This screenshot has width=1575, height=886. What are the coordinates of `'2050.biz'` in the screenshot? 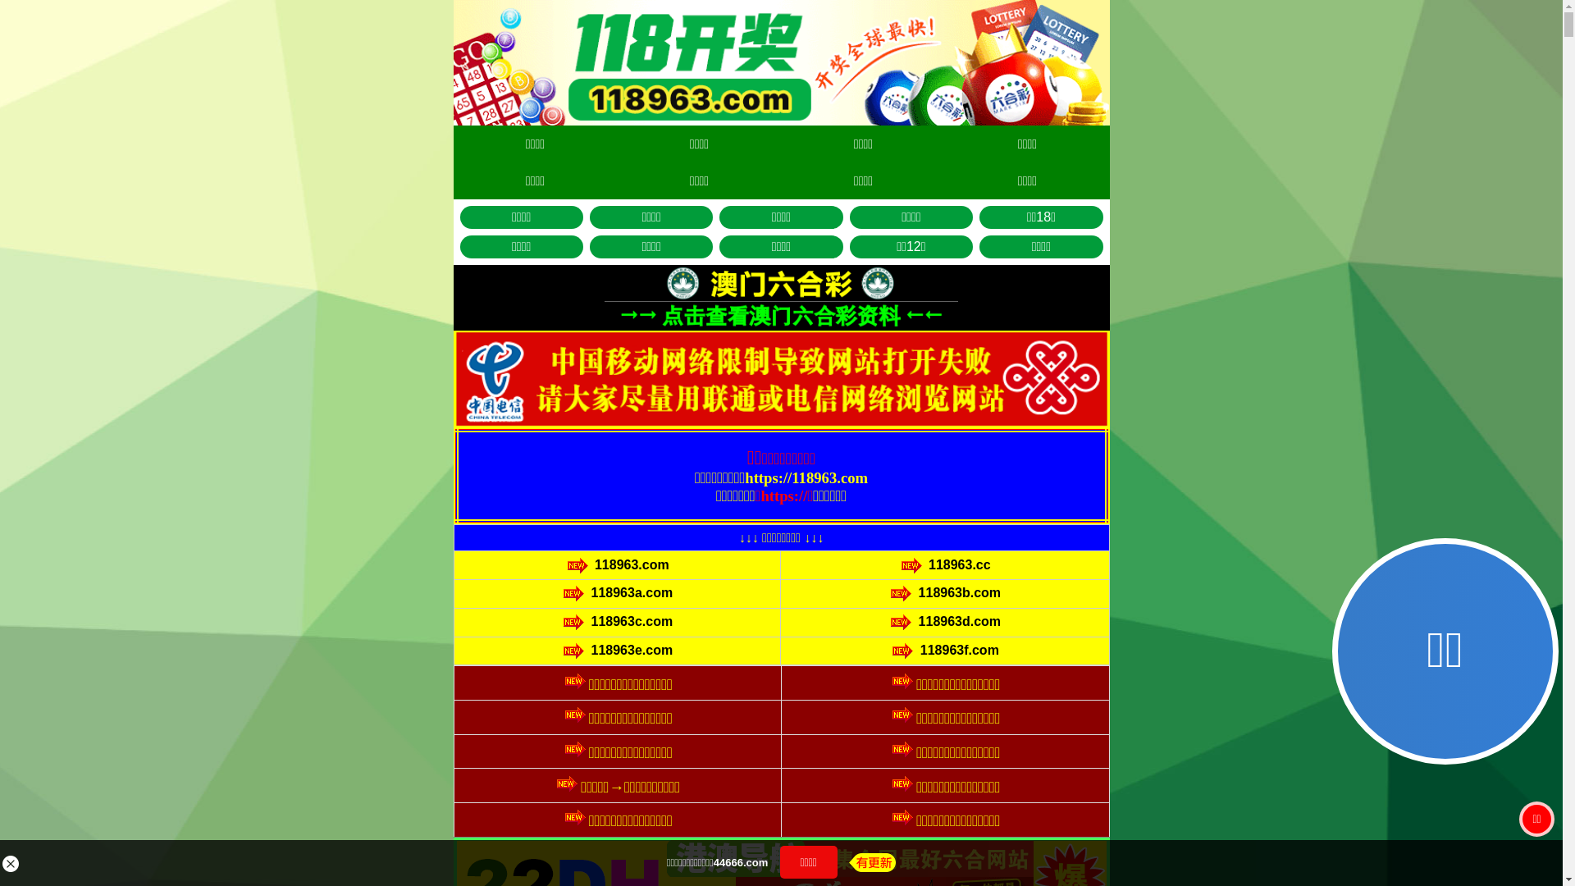 It's located at (851, 520).